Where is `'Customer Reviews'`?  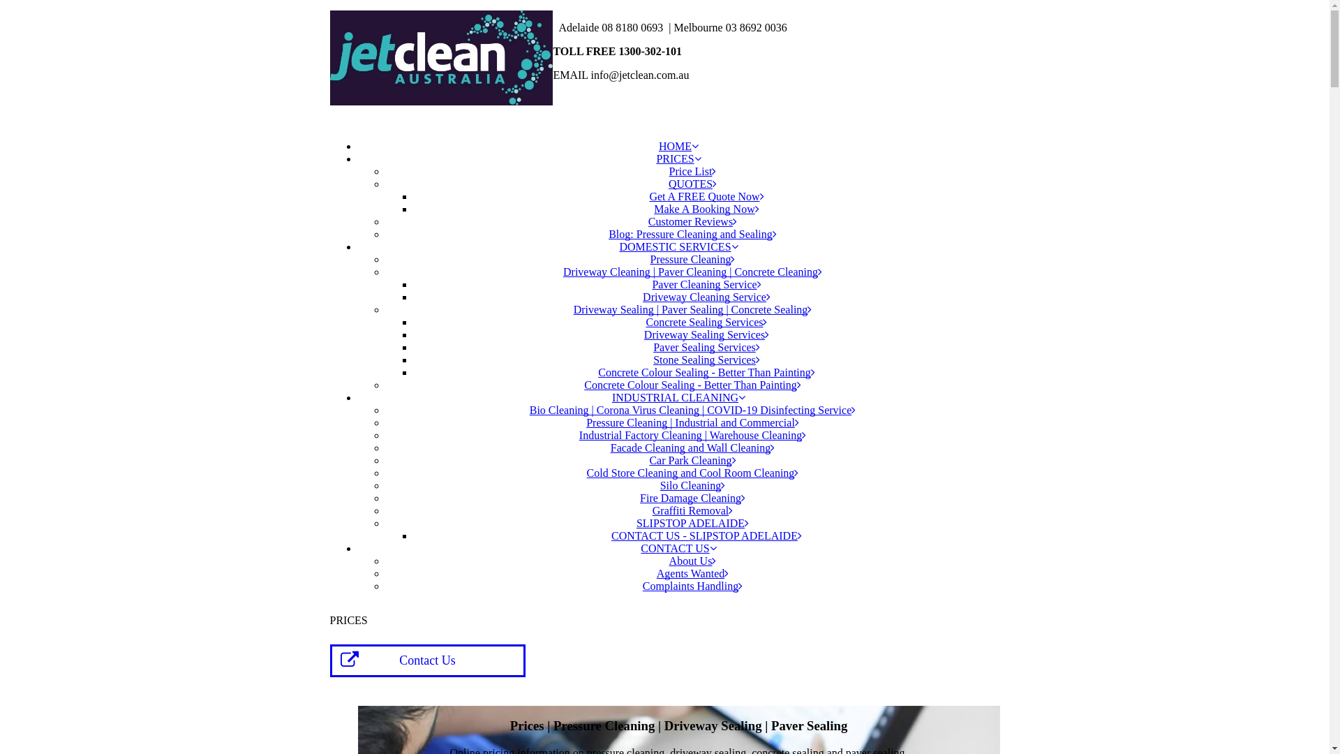 'Customer Reviews' is located at coordinates (692, 221).